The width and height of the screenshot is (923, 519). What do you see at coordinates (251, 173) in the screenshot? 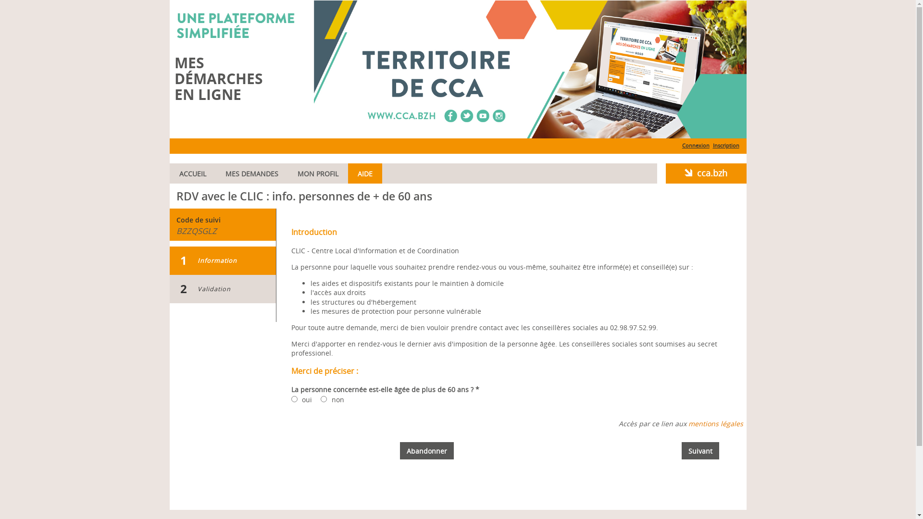
I see `'MES DEMANDES'` at bounding box center [251, 173].